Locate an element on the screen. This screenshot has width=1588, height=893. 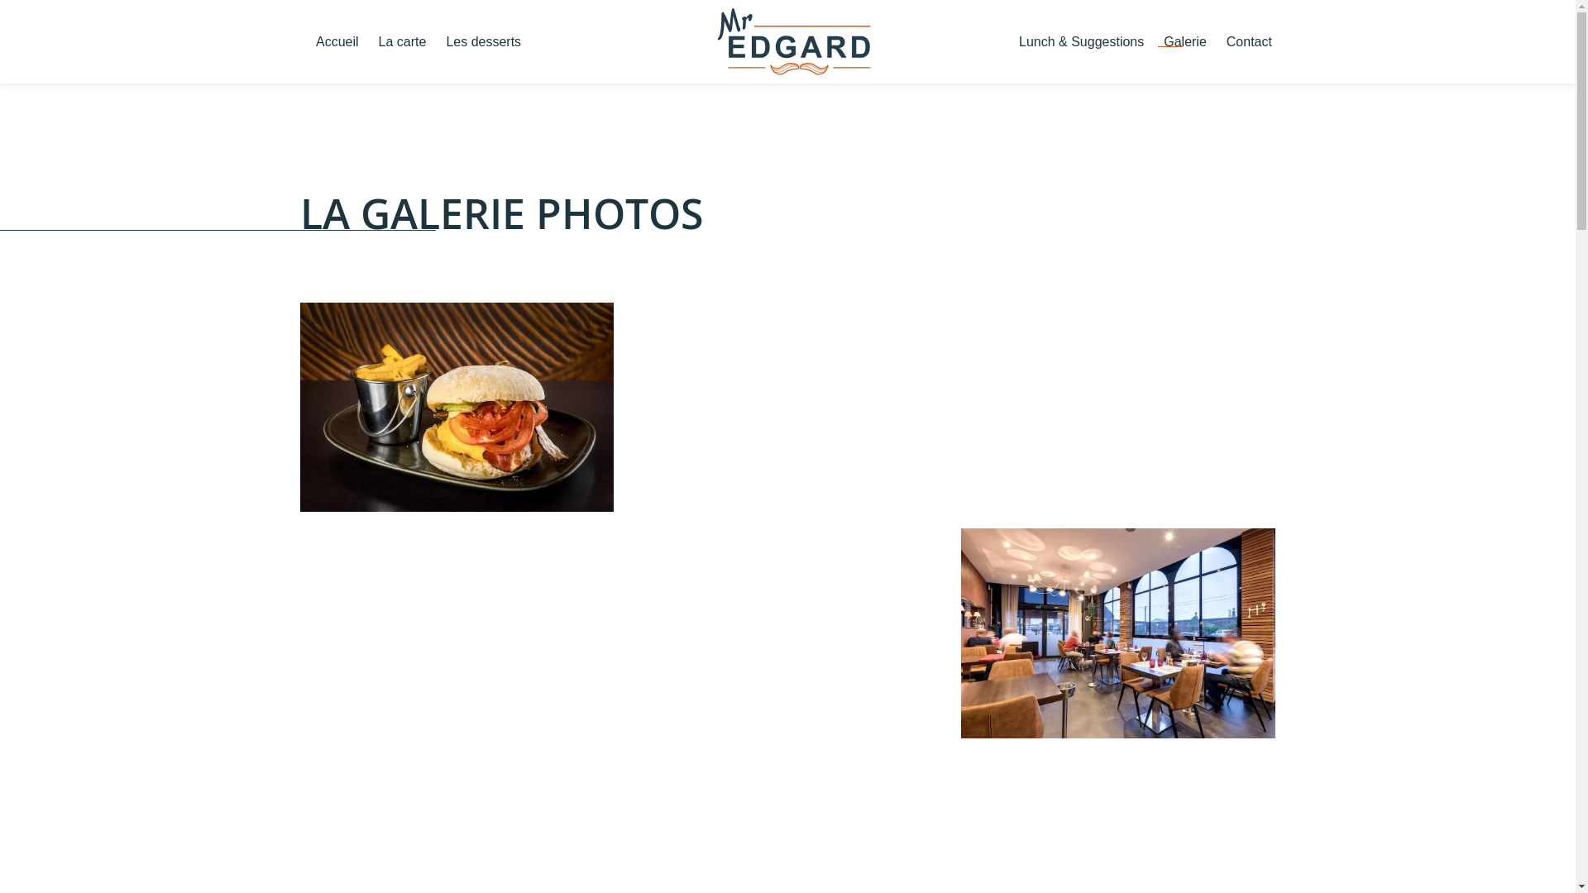
'Contact' is located at coordinates (1249, 41).